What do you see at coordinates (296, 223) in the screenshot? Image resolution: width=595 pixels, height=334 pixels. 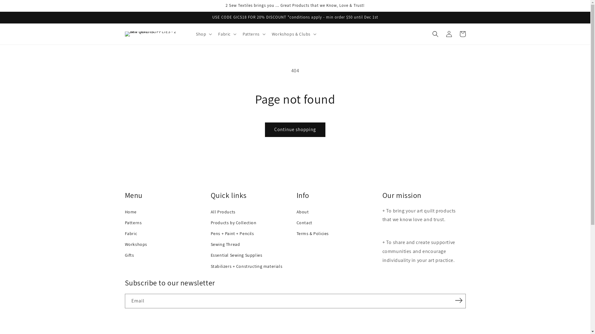 I see `'Contact'` at bounding box center [296, 223].